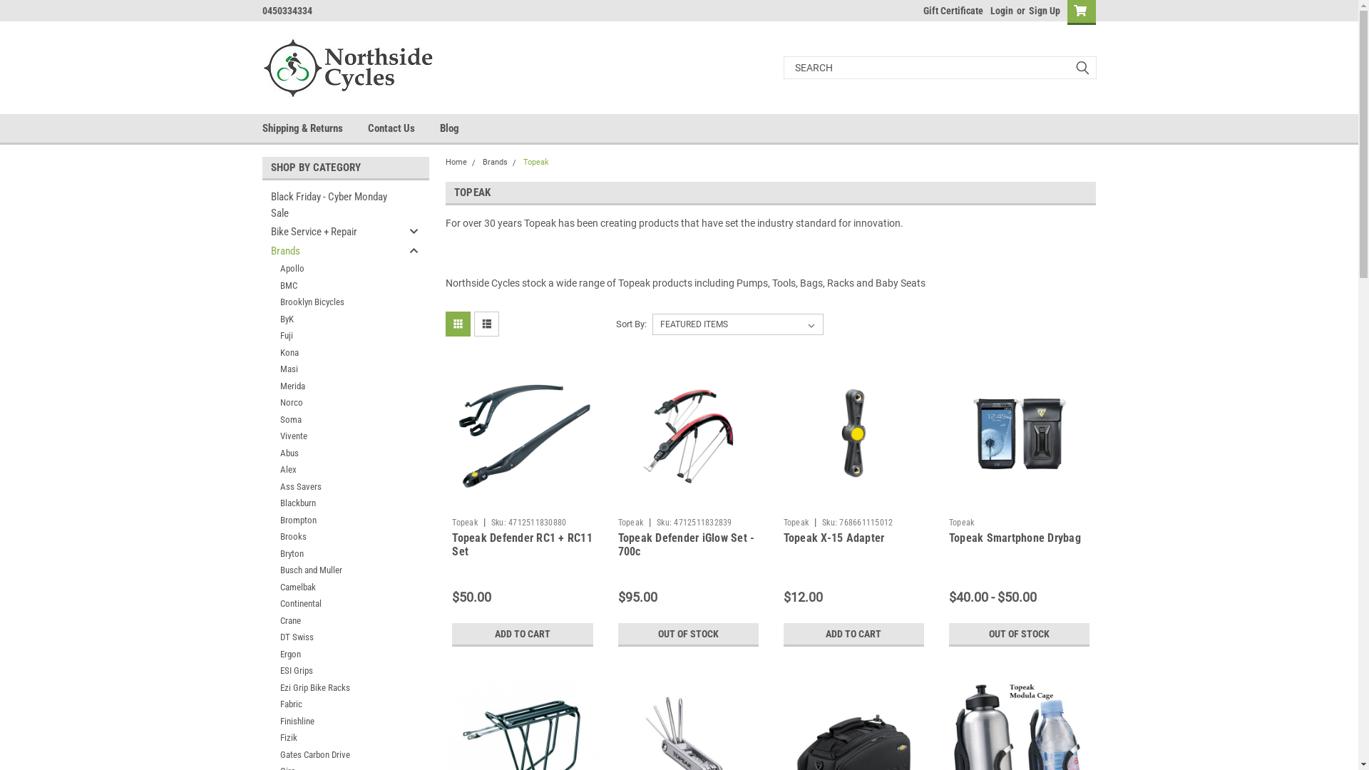  I want to click on 'Topeak Defender iGlow Set - 700c', so click(688, 433).